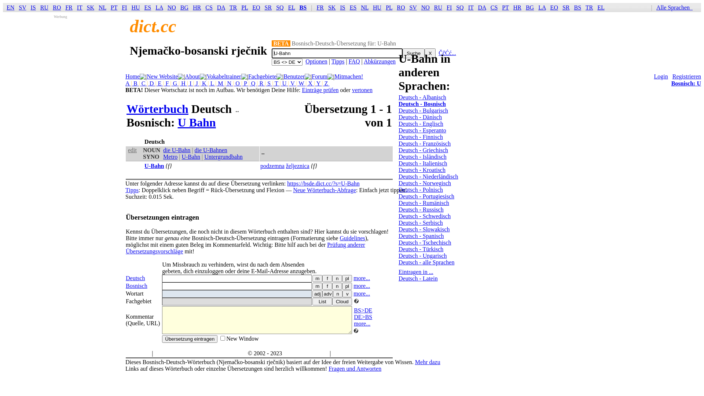 This screenshot has width=704, height=396. What do you see at coordinates (675, 7) in the screenshot?
I see `'Alle Sprachen '` at bounding box center [675, 7].